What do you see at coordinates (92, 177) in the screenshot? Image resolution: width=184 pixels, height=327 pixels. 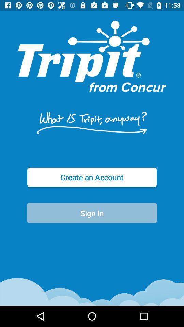 I see `the create an account item` at bounding box center [92, 177].